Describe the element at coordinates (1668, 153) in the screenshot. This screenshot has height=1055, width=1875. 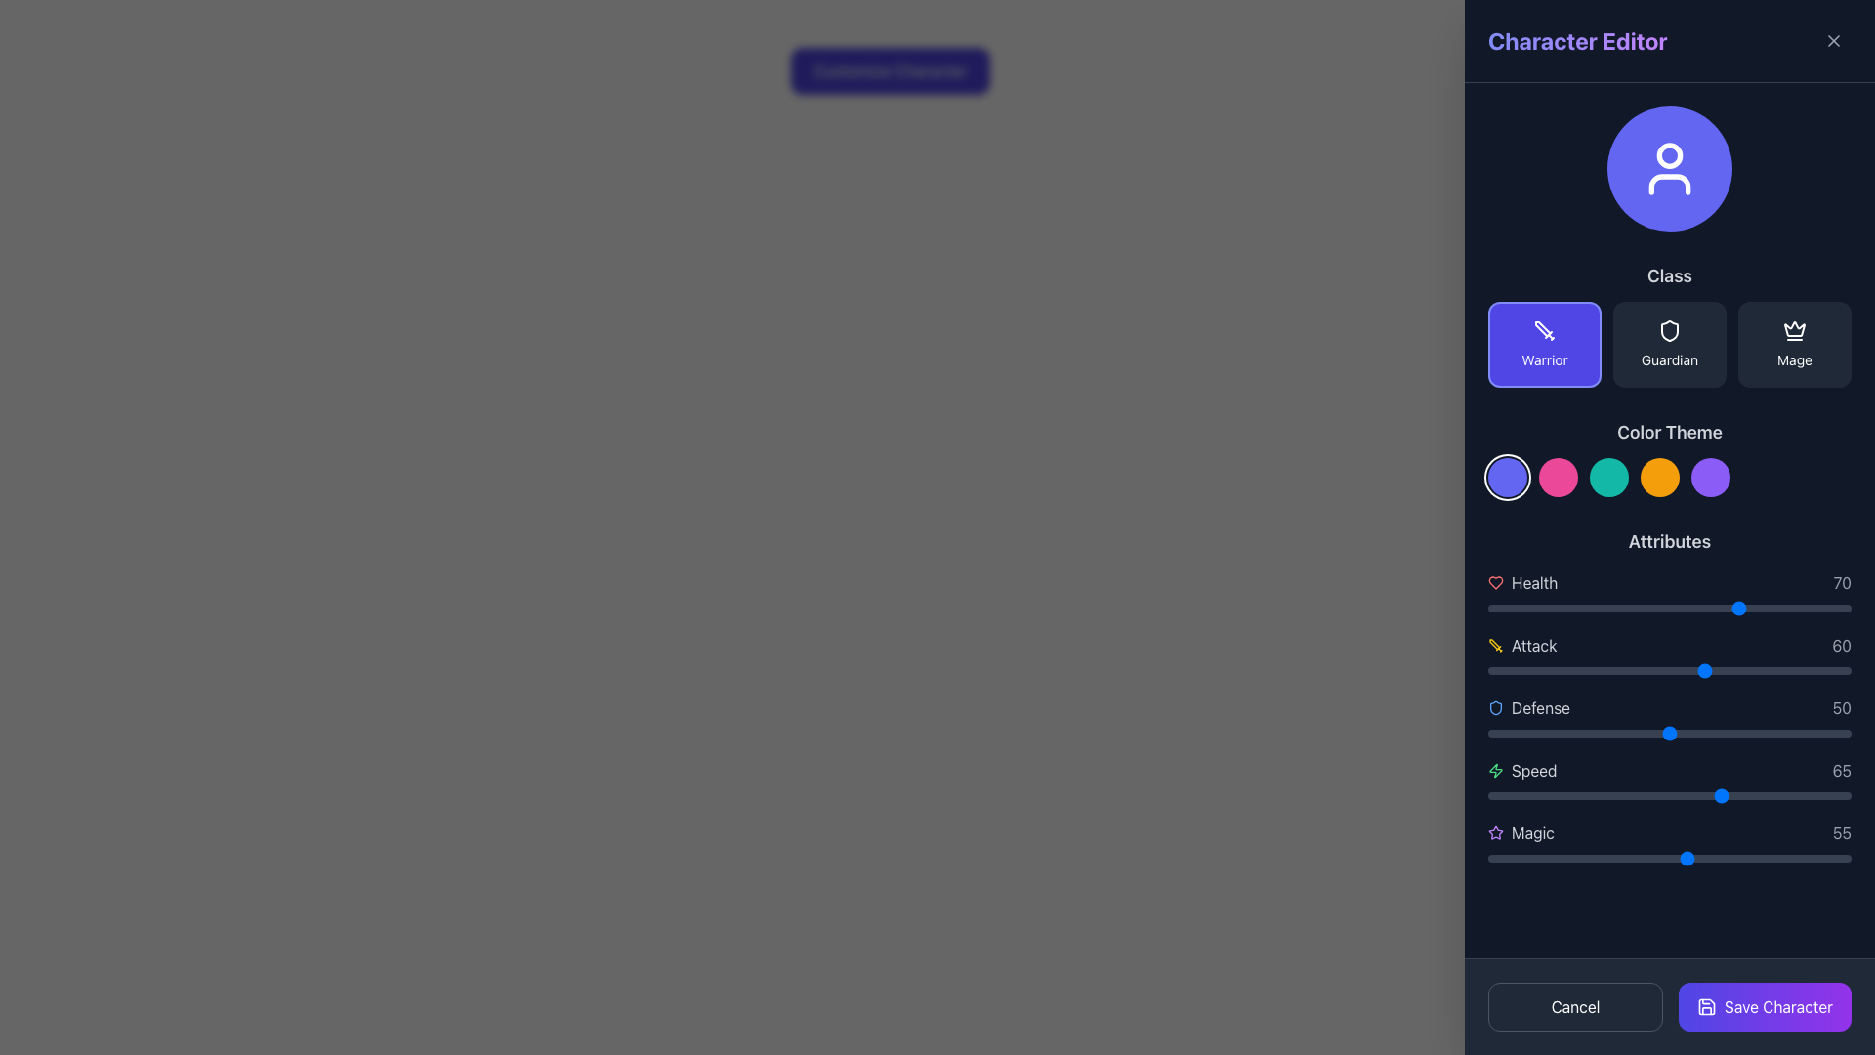
I see `the SVG circle element representing the head or face in the user profile icon design located in the 'Character Editor' sidebar` at that location.